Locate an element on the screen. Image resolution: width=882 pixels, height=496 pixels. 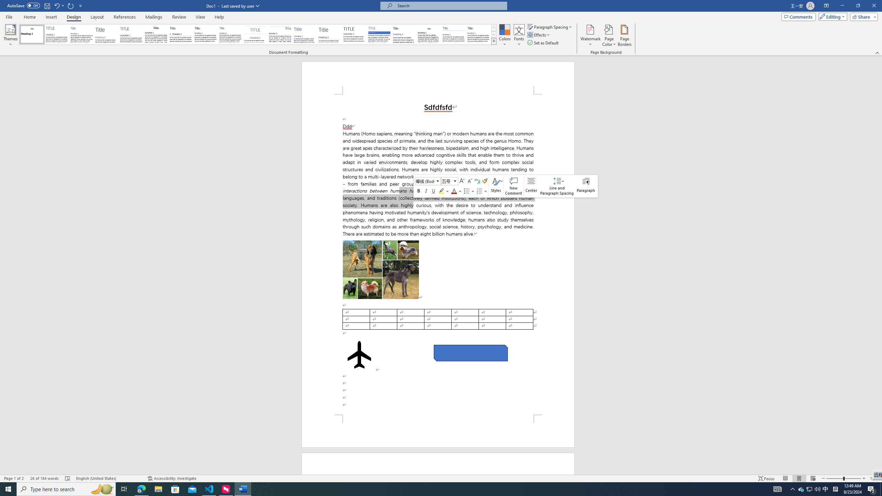
'Shaded' is located at coordinates (379, 34).